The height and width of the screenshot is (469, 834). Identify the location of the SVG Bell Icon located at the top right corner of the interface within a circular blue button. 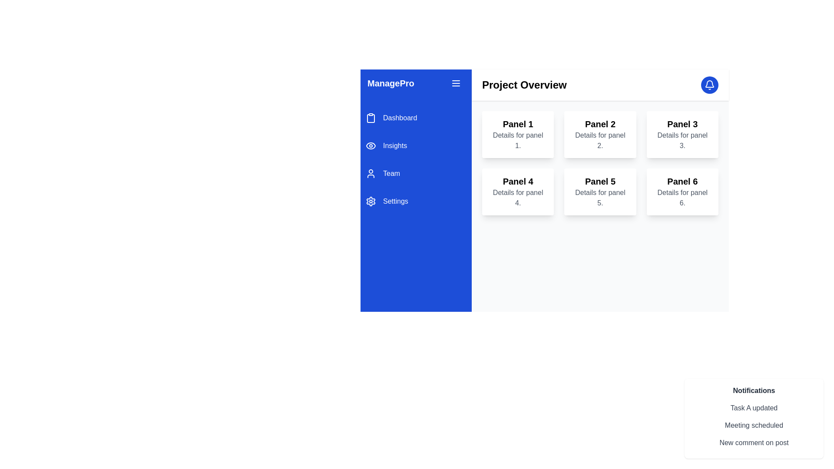
(709, 85).